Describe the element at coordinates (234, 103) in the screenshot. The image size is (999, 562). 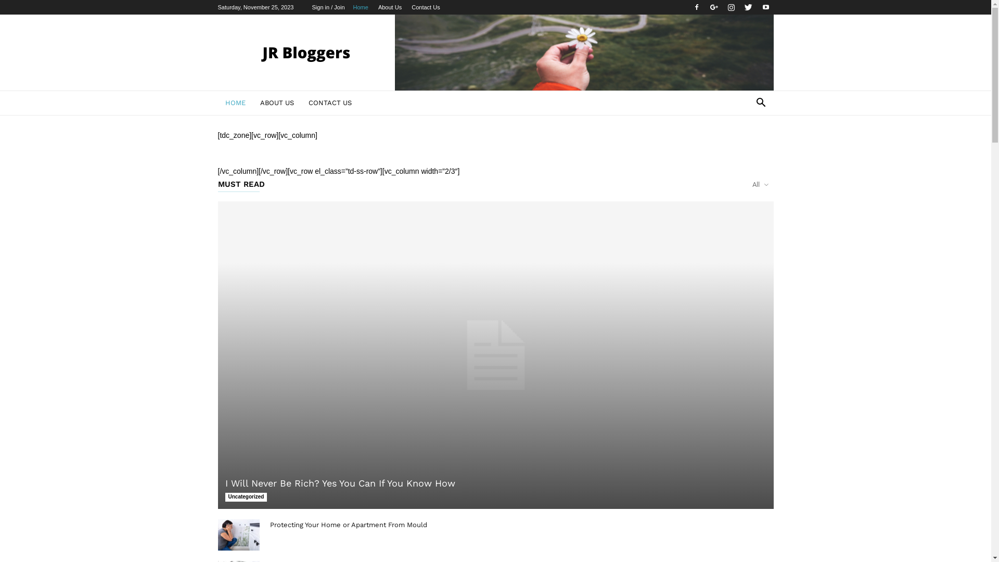
I see `'HOME'` at that location.